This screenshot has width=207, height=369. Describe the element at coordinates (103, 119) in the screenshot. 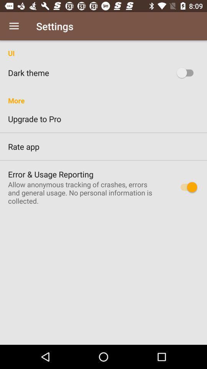

I see `the upgrade to pro` at that location.